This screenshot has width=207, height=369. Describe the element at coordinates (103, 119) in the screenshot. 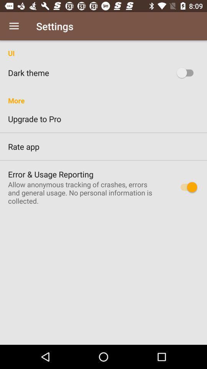

I see `the upgrade to pro` at that location.